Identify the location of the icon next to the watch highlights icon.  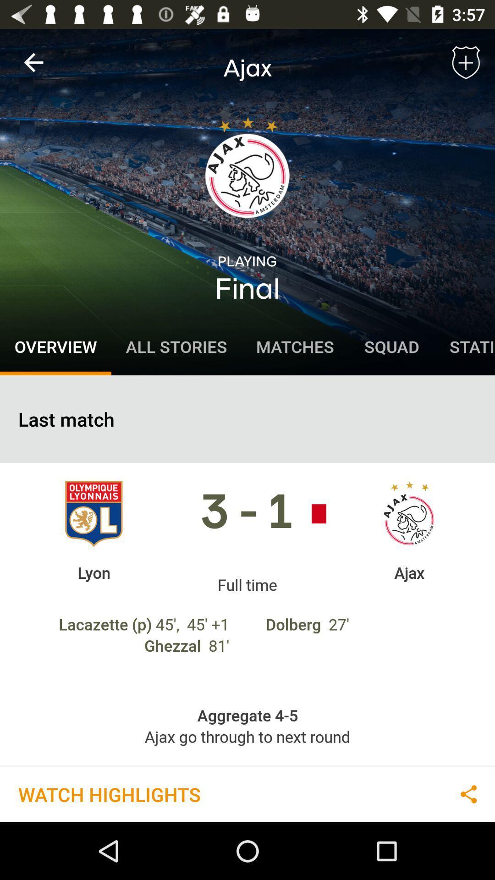
(468, 793).